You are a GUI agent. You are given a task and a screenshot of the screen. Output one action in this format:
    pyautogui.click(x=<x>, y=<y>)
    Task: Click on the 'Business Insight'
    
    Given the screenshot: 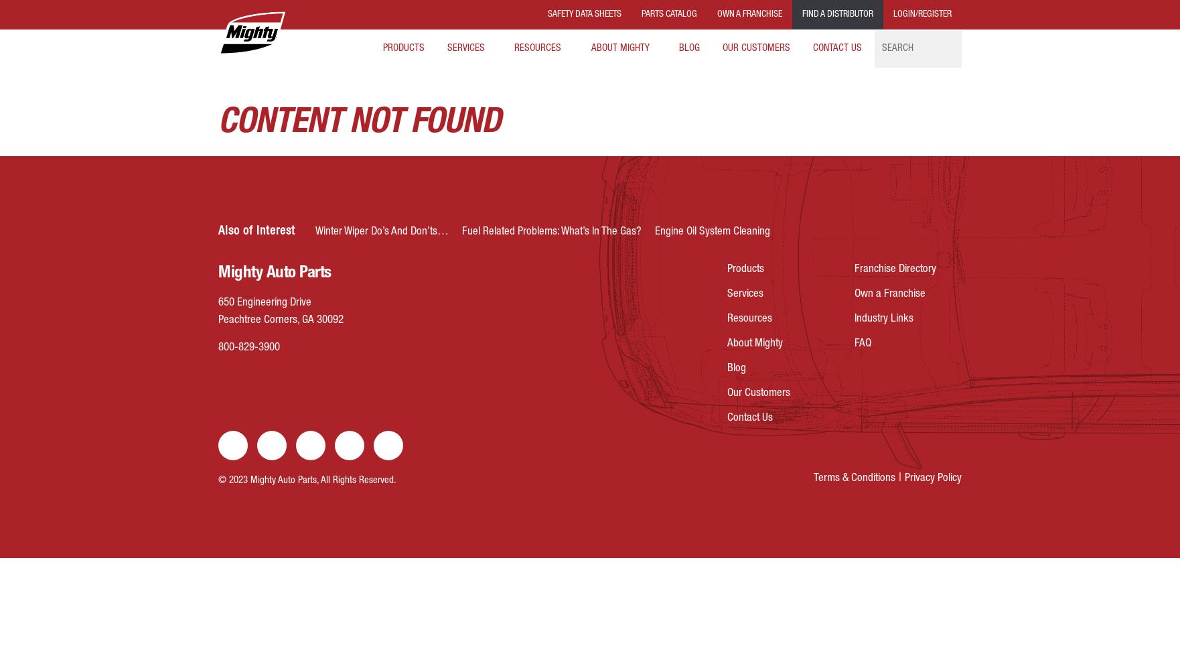 What is the action you would take?
    pyautogui.click(x=482, y=85)
    